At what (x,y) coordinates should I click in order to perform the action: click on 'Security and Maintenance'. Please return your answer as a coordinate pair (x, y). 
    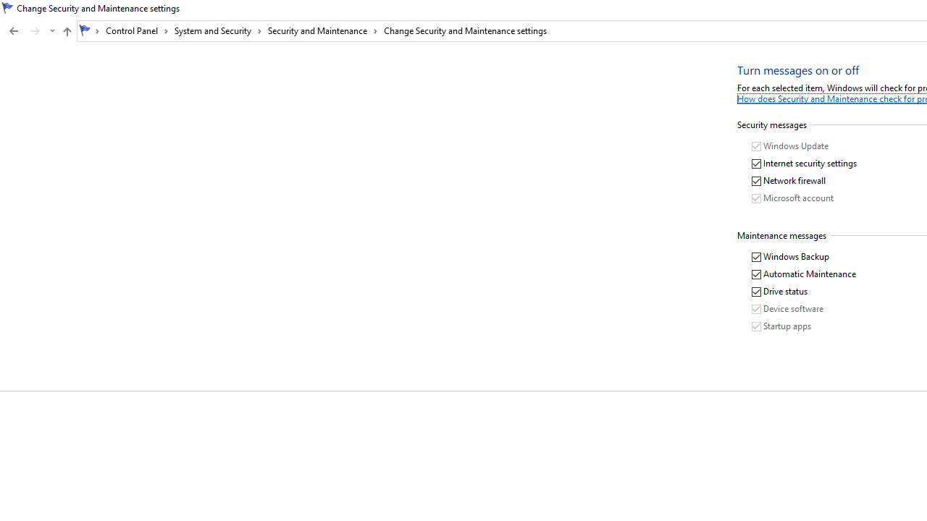
    Looking at the image, I should click on (322, 30).